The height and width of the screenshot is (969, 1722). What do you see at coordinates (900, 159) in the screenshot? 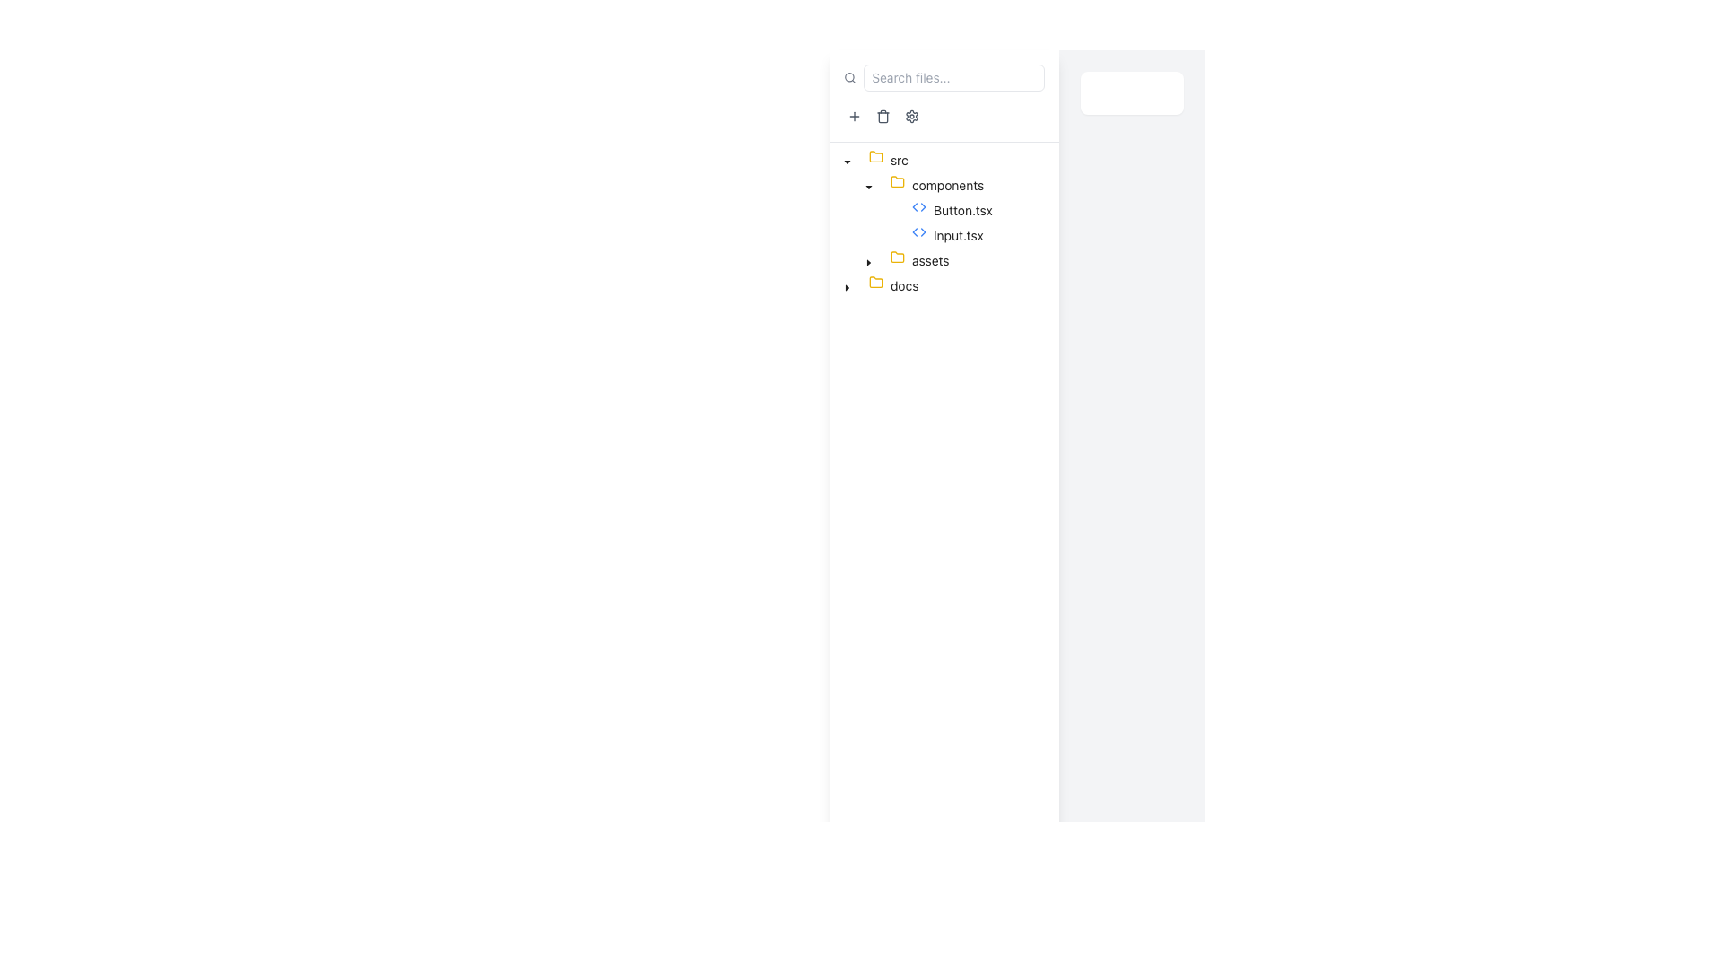
I see `the text label displaying 'src' within the tree view node` at bounding box center [900, 159].